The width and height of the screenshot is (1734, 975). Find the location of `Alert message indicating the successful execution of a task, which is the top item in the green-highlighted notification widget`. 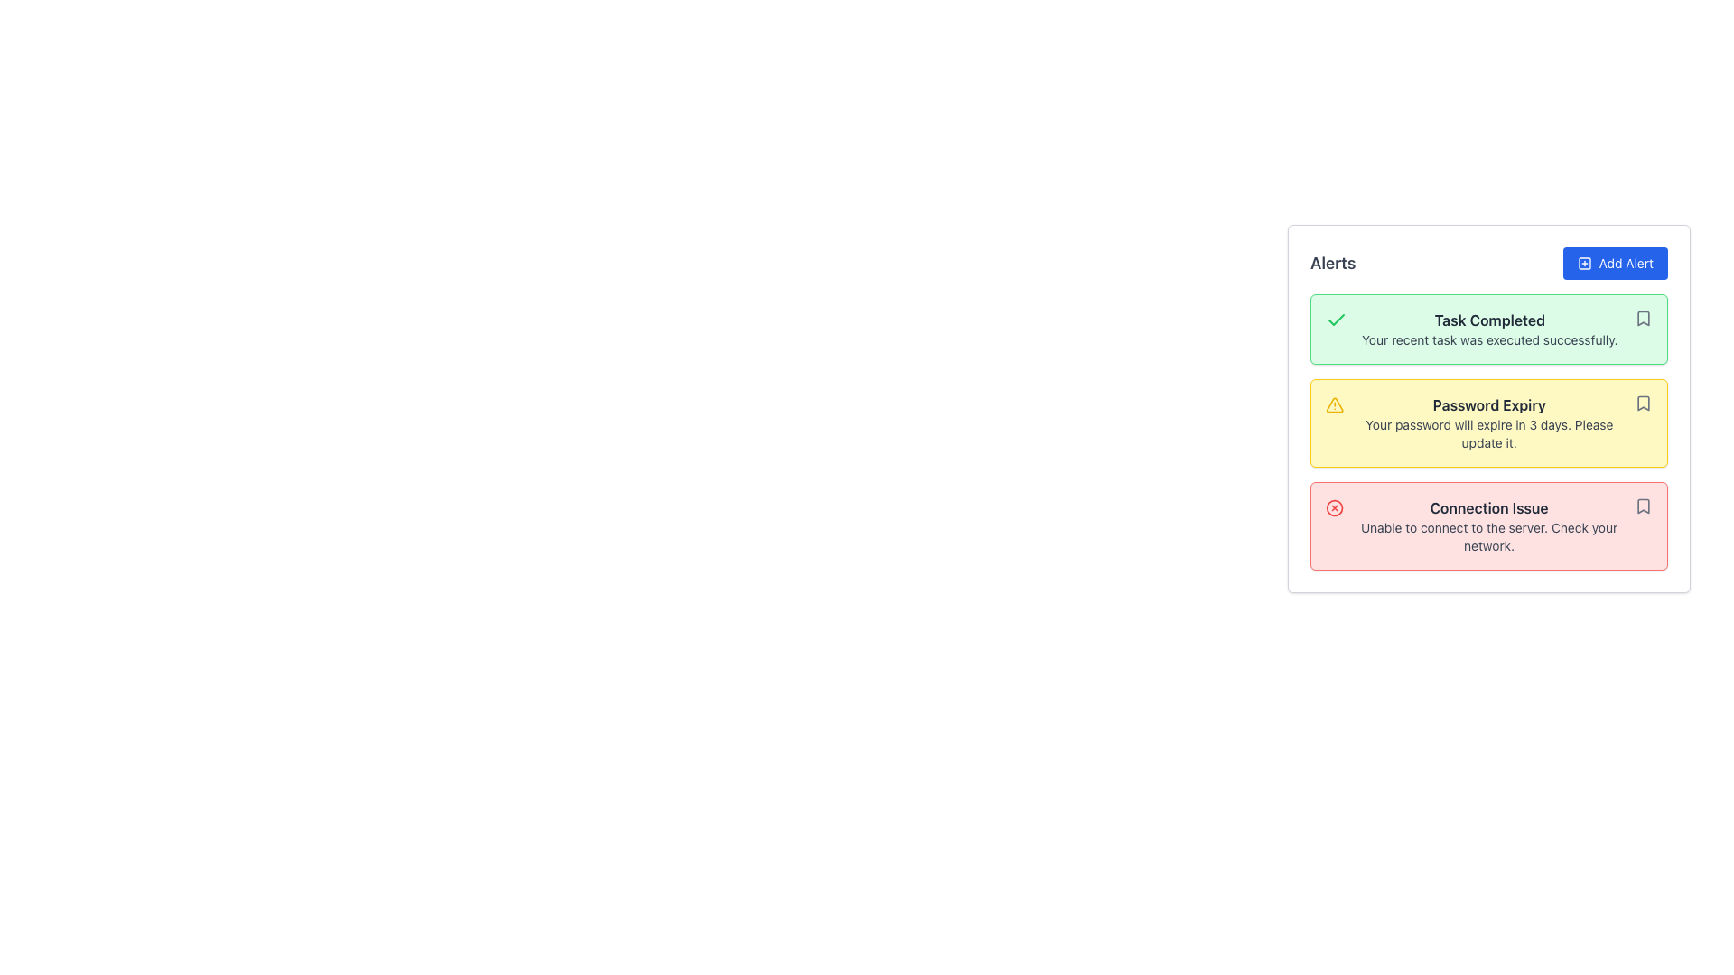

Alert message indicating the successful execution of a task, which is the top item in the green-highlighted notification widget is located at coordinates (1489, 330).